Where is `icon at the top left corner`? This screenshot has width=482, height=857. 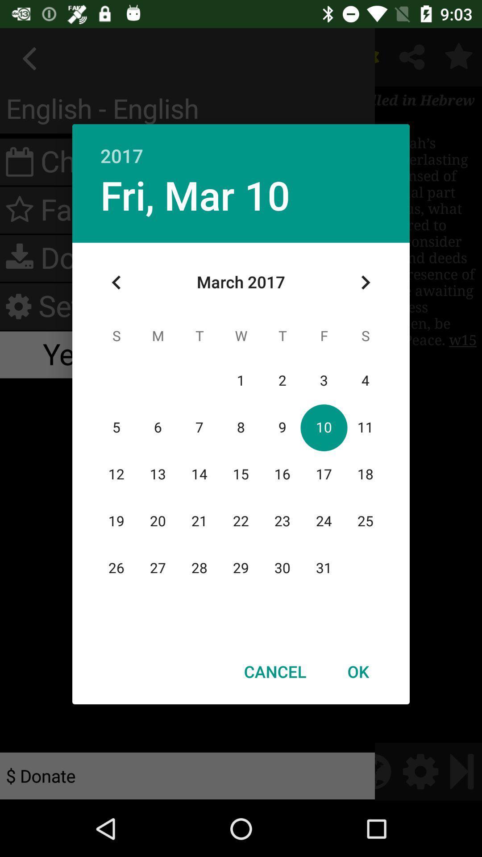
icon at the top left corner is located at coordinates (116, 282).